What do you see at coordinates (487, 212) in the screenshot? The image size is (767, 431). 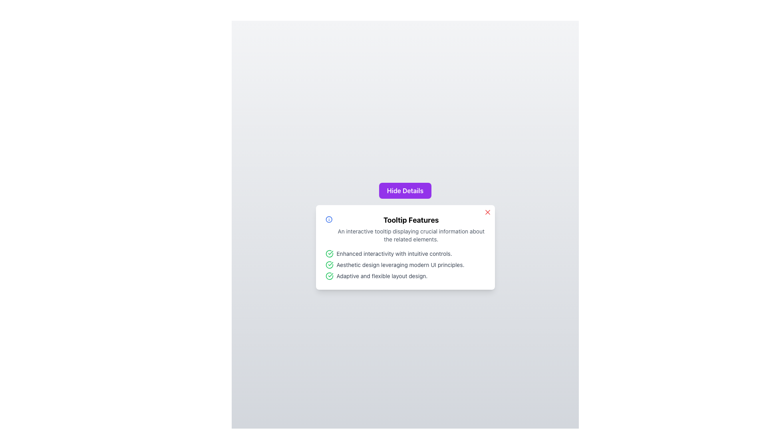 I see `the 'X' icon located at the top-right corner of the tooltip` at bounding box center [487, 212].